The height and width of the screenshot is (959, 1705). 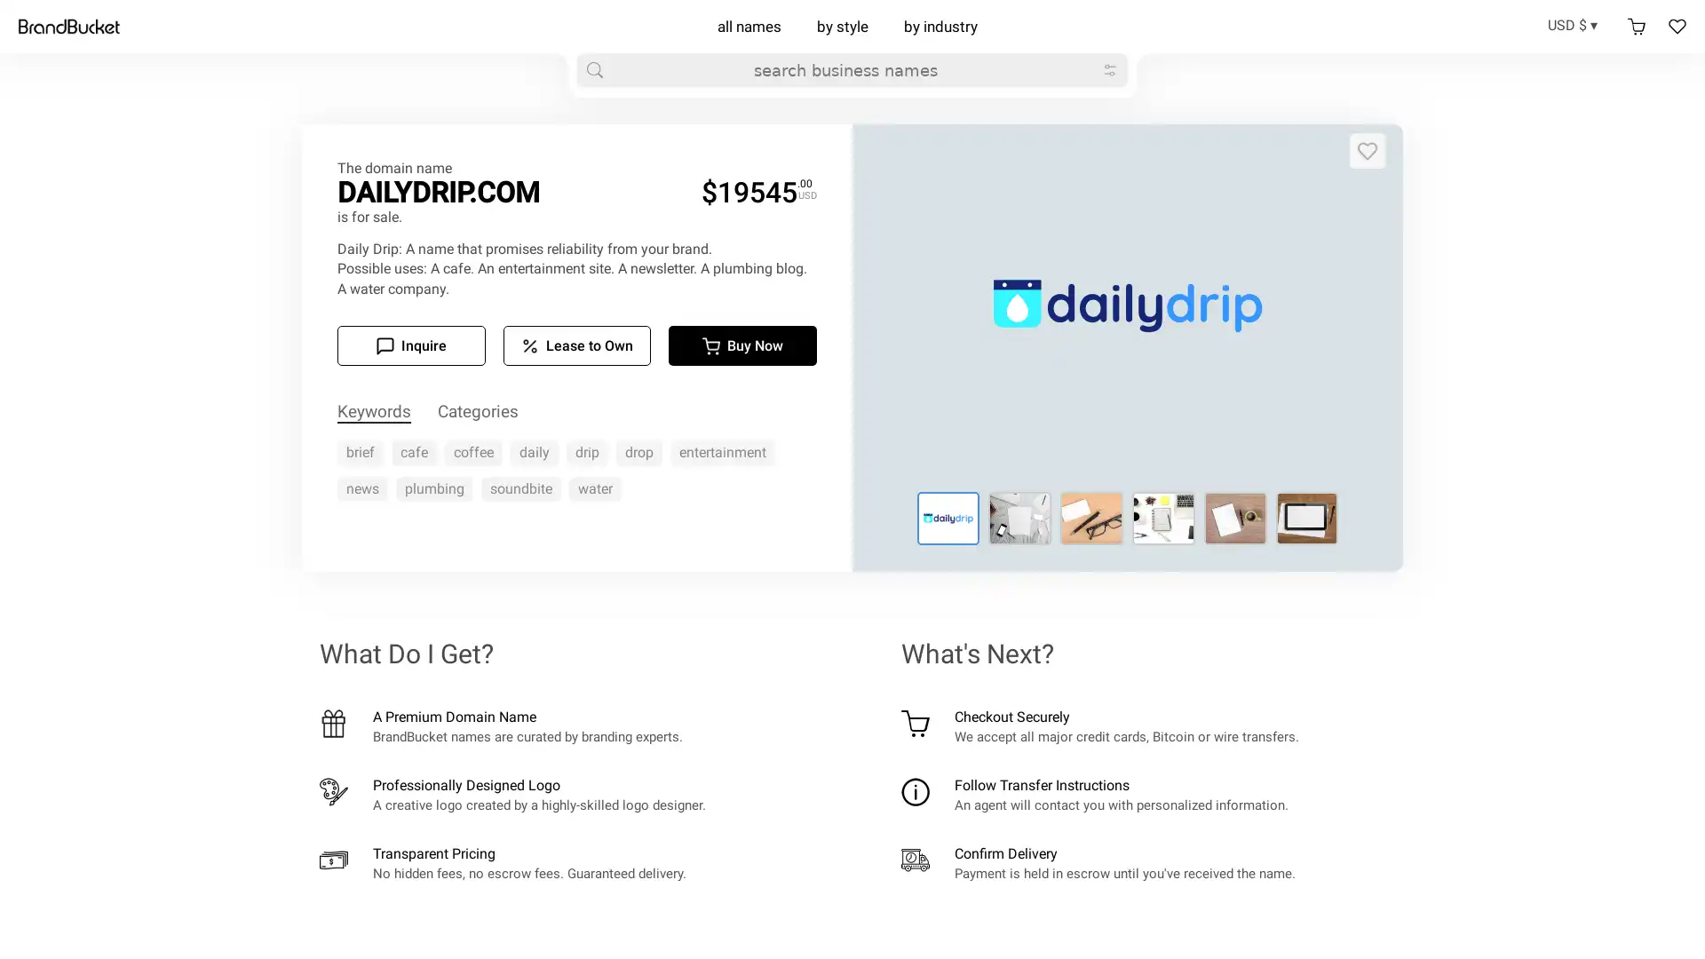 I want to click on Inquire Inquire, so click(x=409, y=345).